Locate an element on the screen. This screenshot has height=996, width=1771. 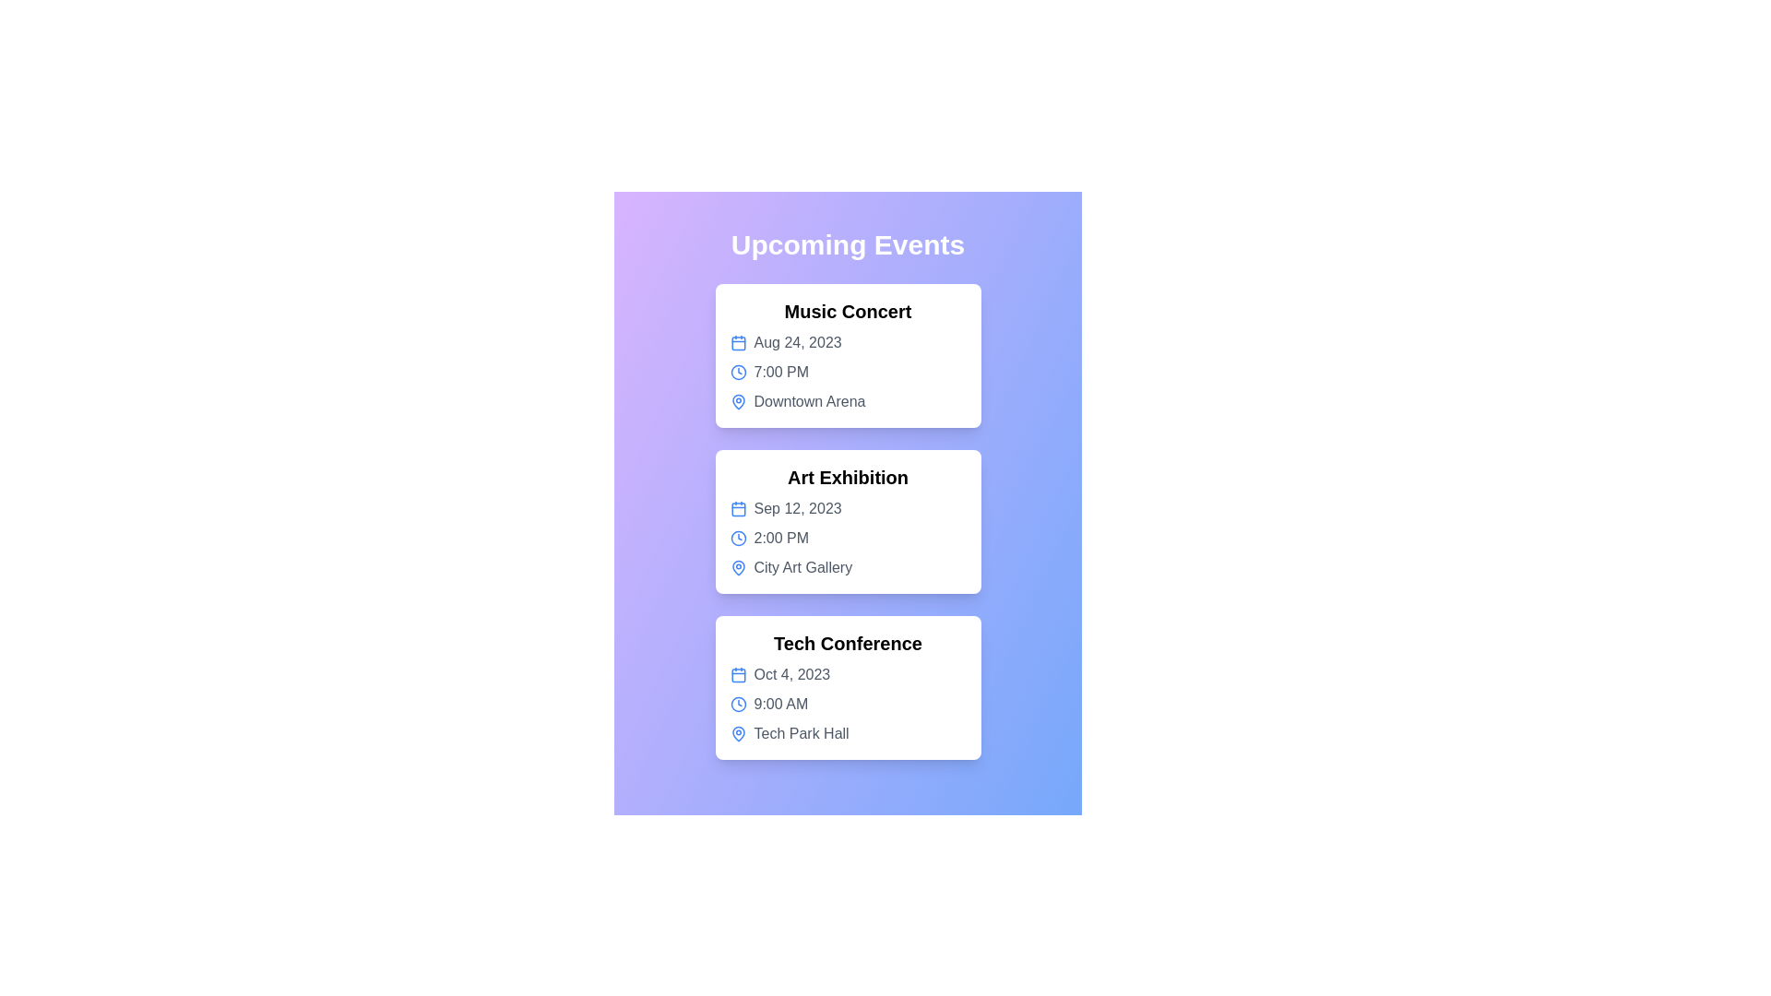
the blue rounded rectangle background of the calendar icon representing the 'Tech Conference' event is located at coordinates (738, 675).